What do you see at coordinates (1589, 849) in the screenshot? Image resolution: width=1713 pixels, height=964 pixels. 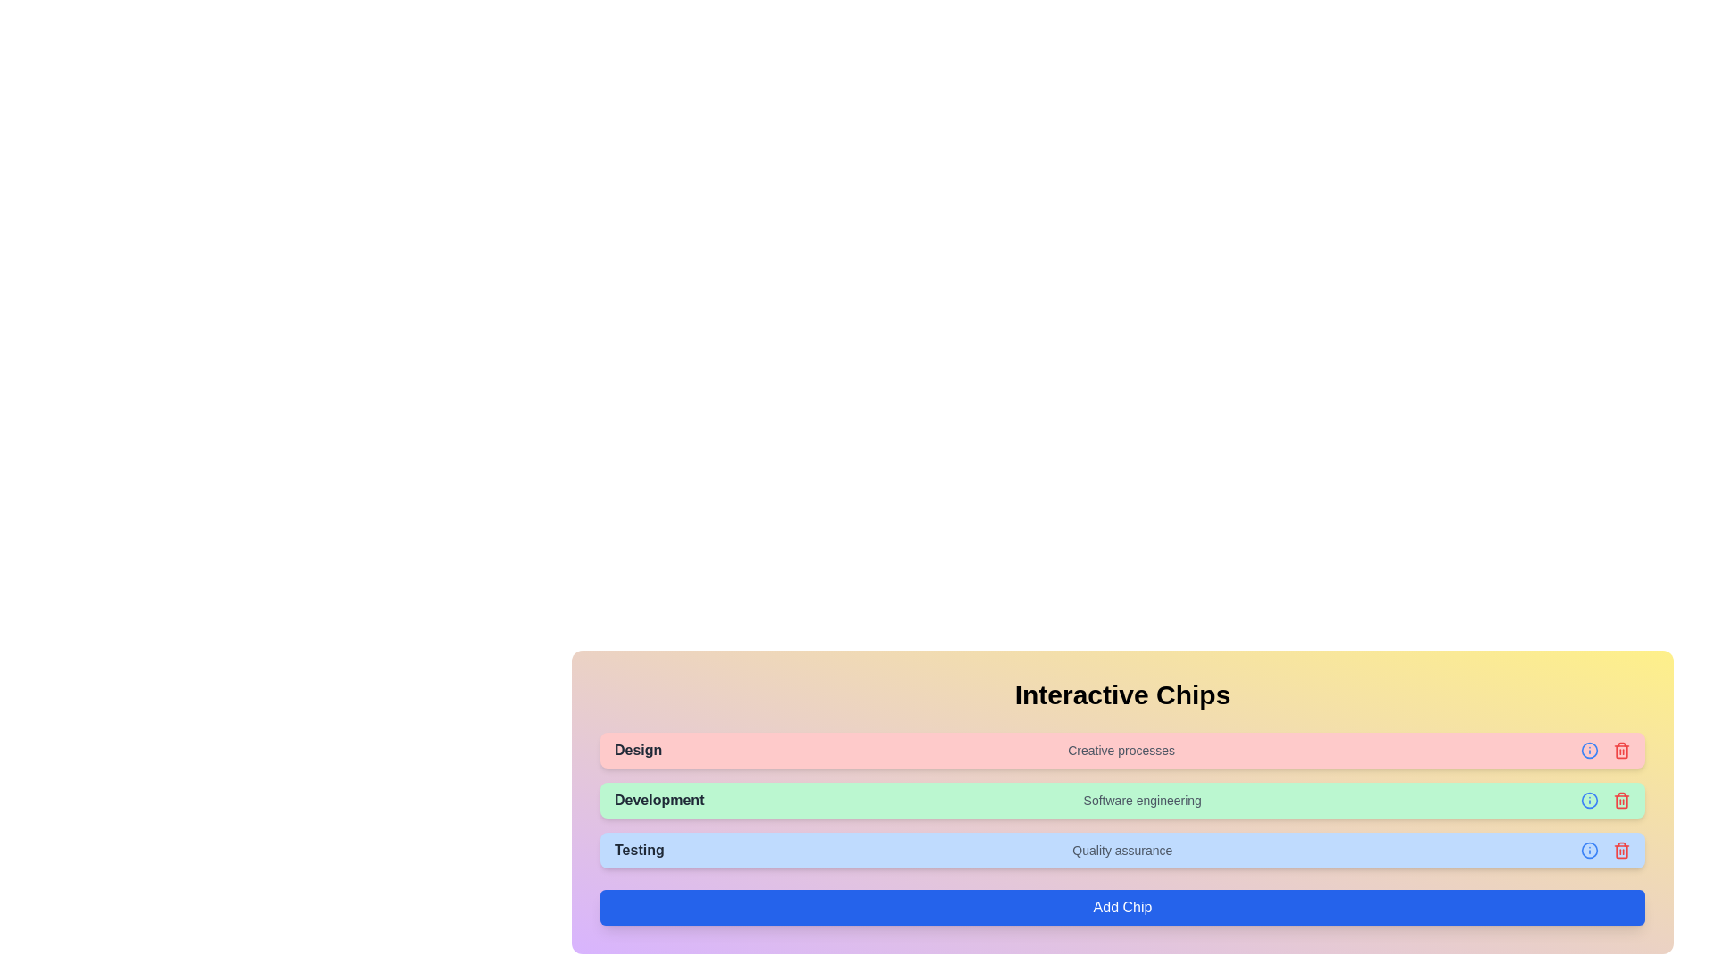 I see `'Info' icon for the chip labeled Testing` at bounding box center [1589, 849].